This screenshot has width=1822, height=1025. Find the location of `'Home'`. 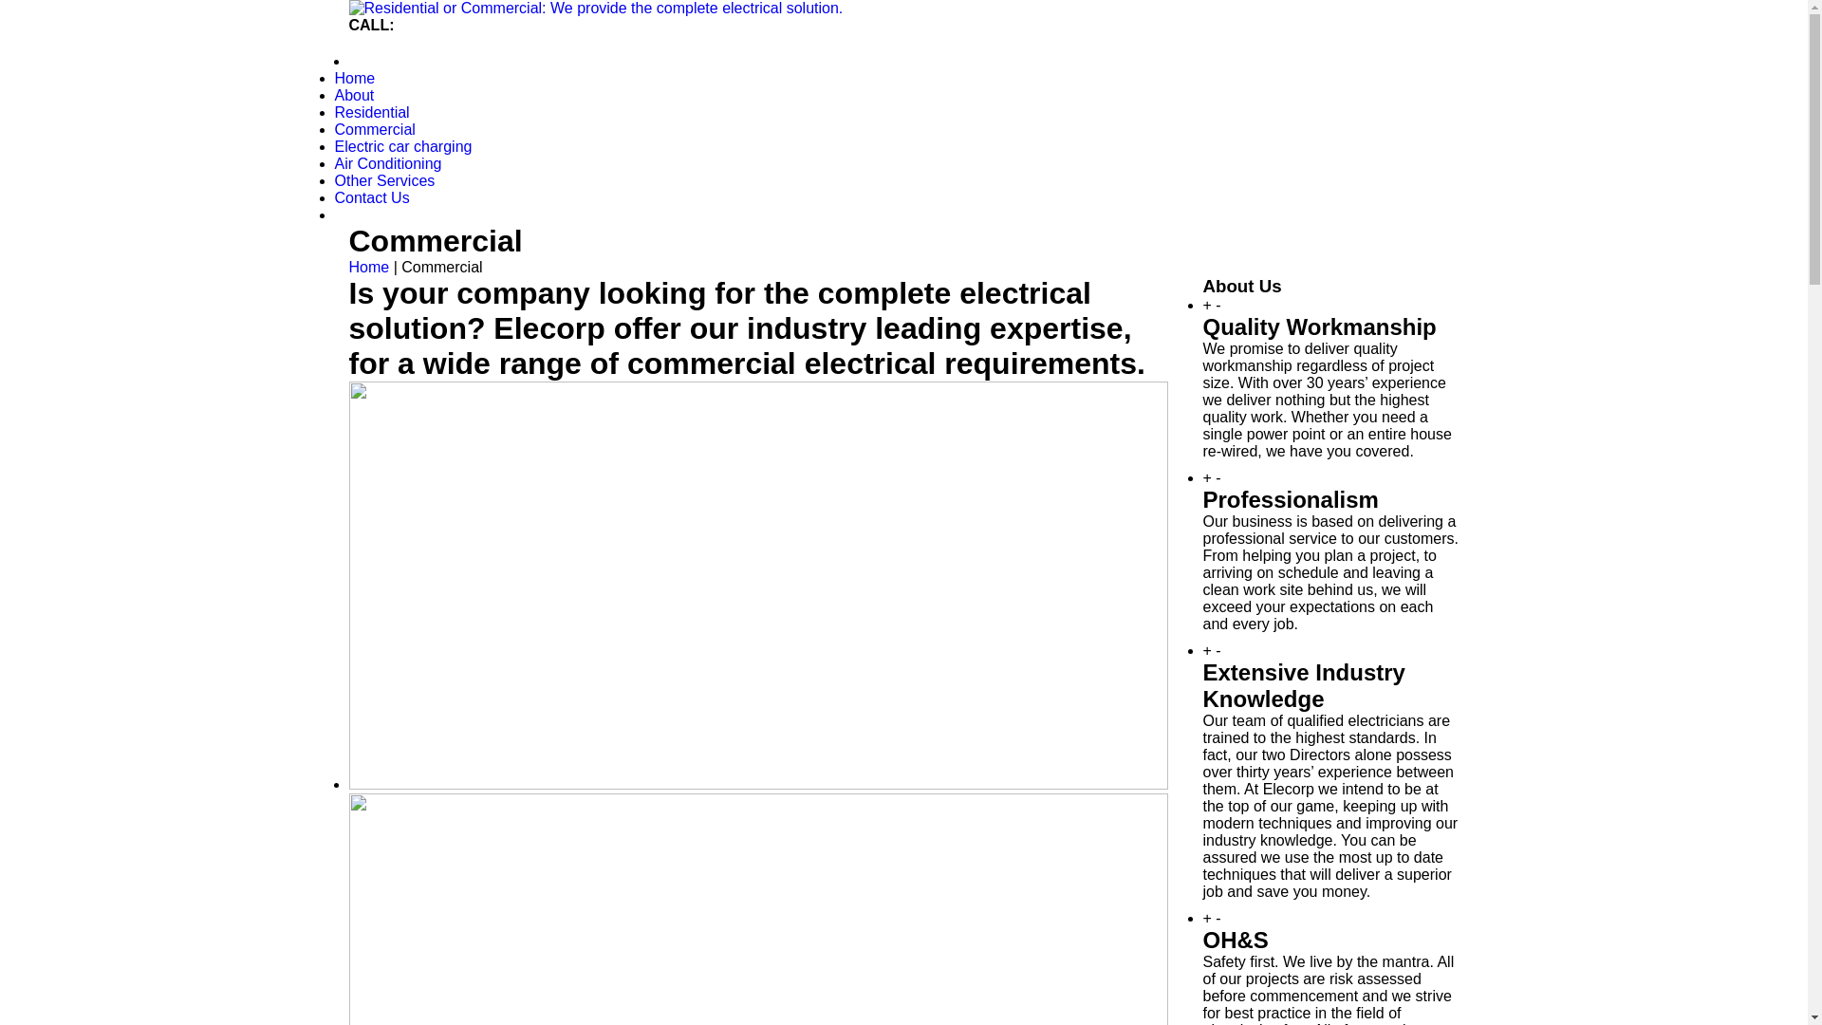

'Home' is located at coordinates (349, 267).